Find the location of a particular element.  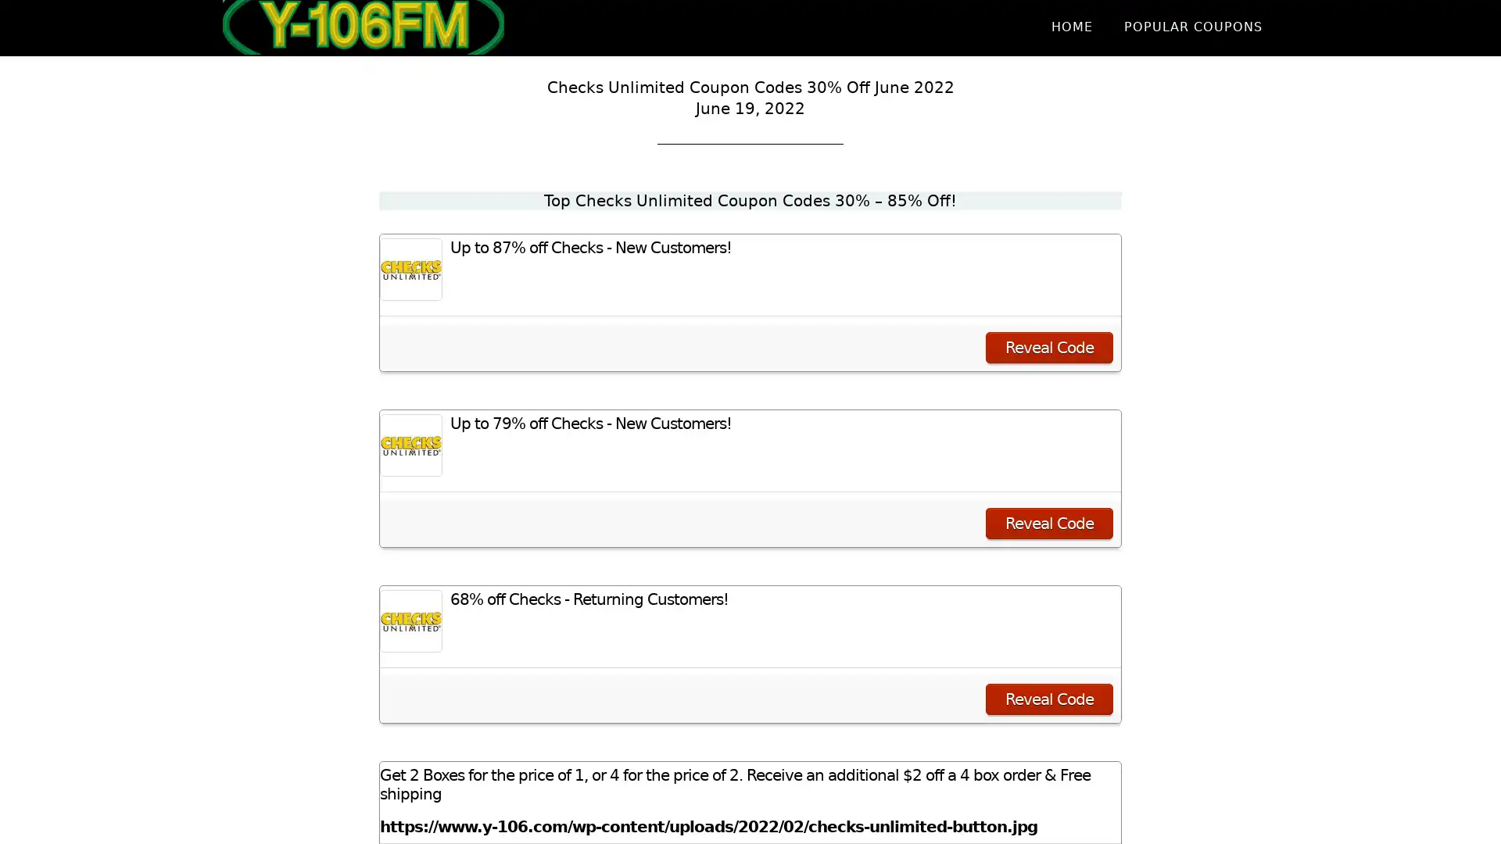

Reveal Code is located at coordinates (1049, 524).